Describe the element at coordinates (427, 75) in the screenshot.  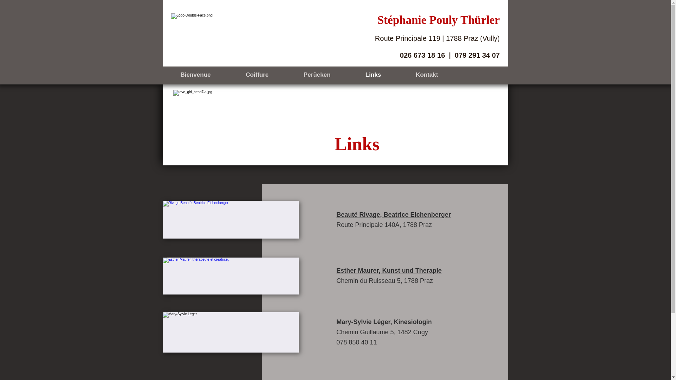
I see `'Kontakt'` at that location.